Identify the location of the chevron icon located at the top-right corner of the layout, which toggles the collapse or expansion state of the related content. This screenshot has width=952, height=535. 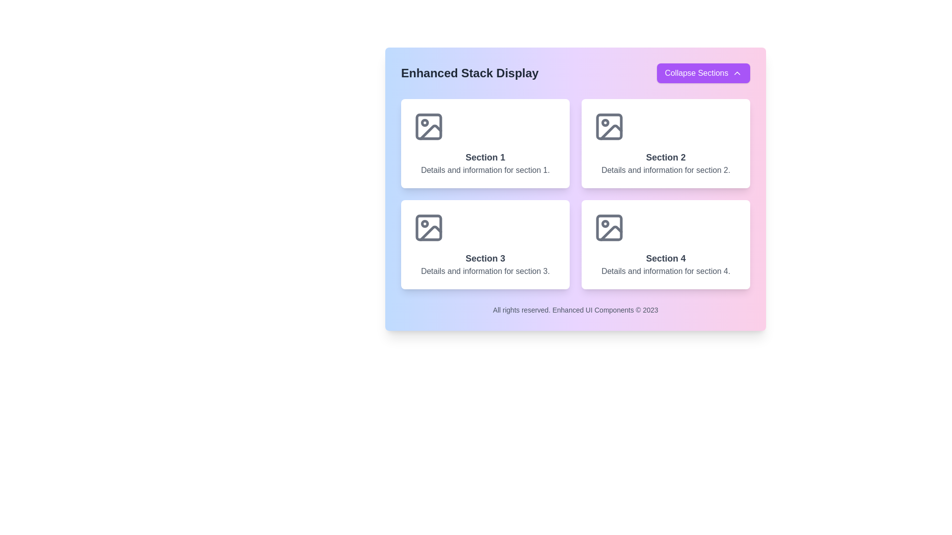
(737, 72).